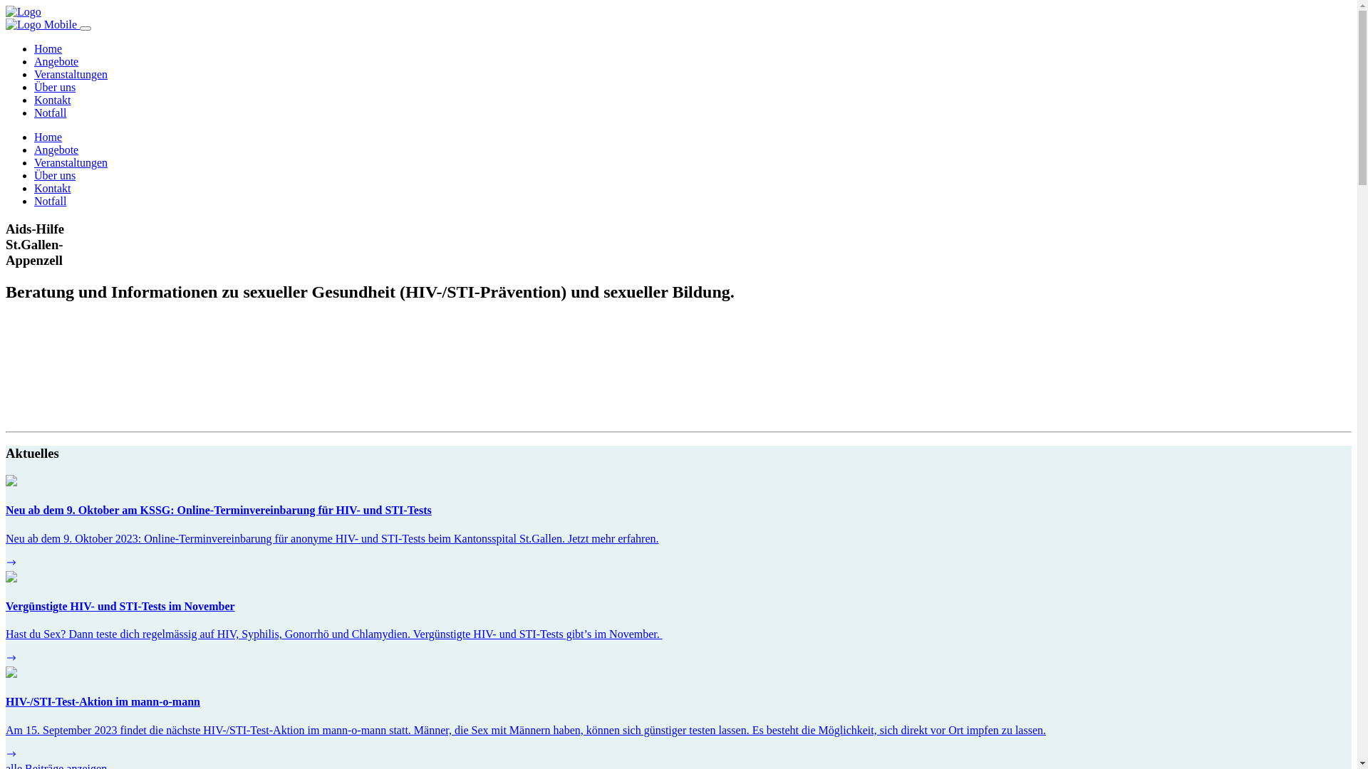 The height and width of the screenshot is (769, 1368). What do you see at coordinates (50, 201) in the screenshot?
I see `'Notfall'` at bounding box center [50, 201].